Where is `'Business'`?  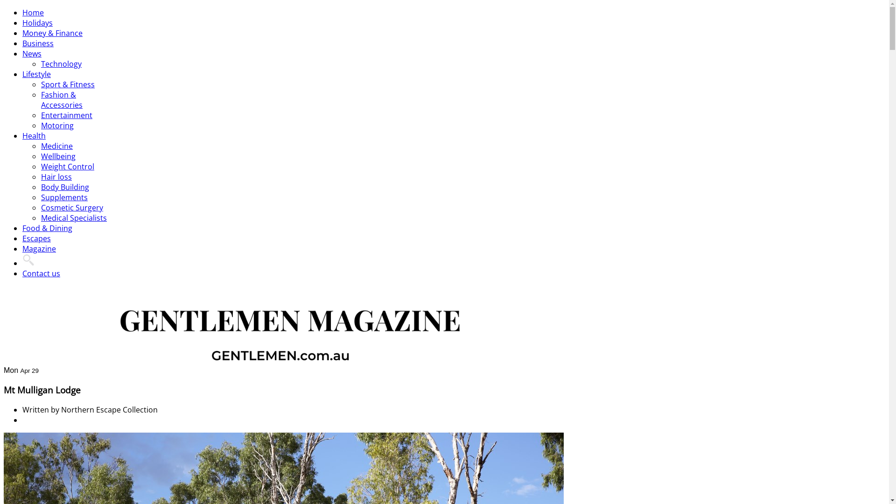 'Business' is located at coordinates (37, 43).